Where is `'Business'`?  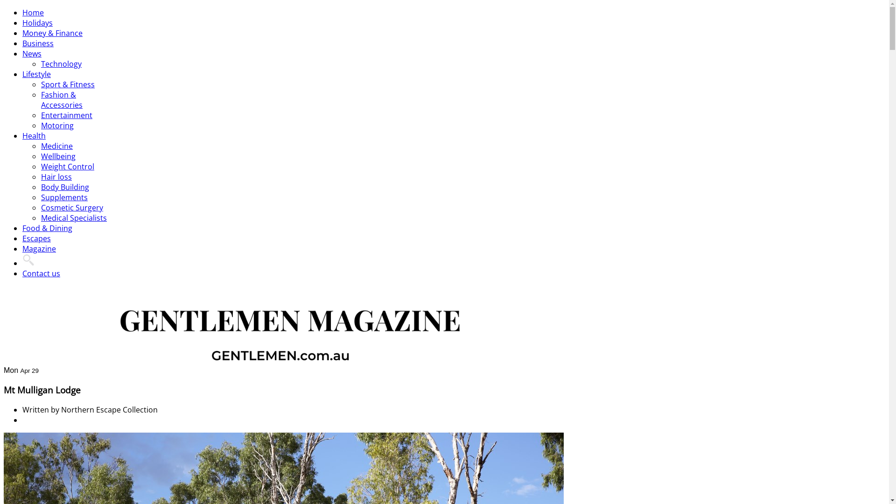 'Business' is located at coordinates (37, 43).